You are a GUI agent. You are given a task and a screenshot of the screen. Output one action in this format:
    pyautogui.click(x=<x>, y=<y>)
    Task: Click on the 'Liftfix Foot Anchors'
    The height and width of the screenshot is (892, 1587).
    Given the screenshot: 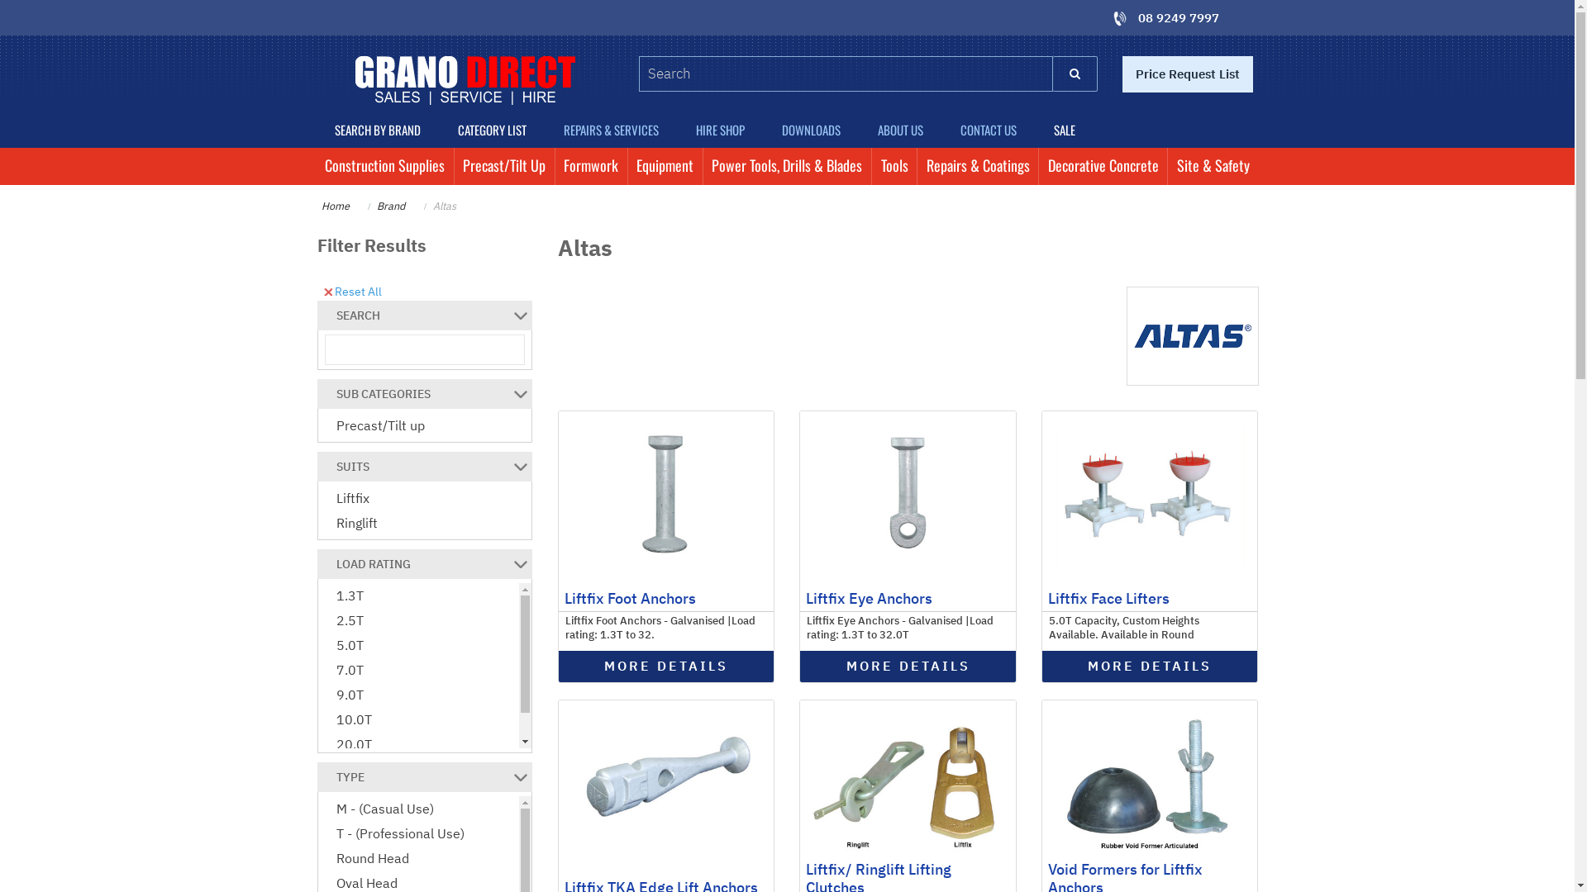 What is the action you would take?
    pyautogui.click(x=629, y=598)
    